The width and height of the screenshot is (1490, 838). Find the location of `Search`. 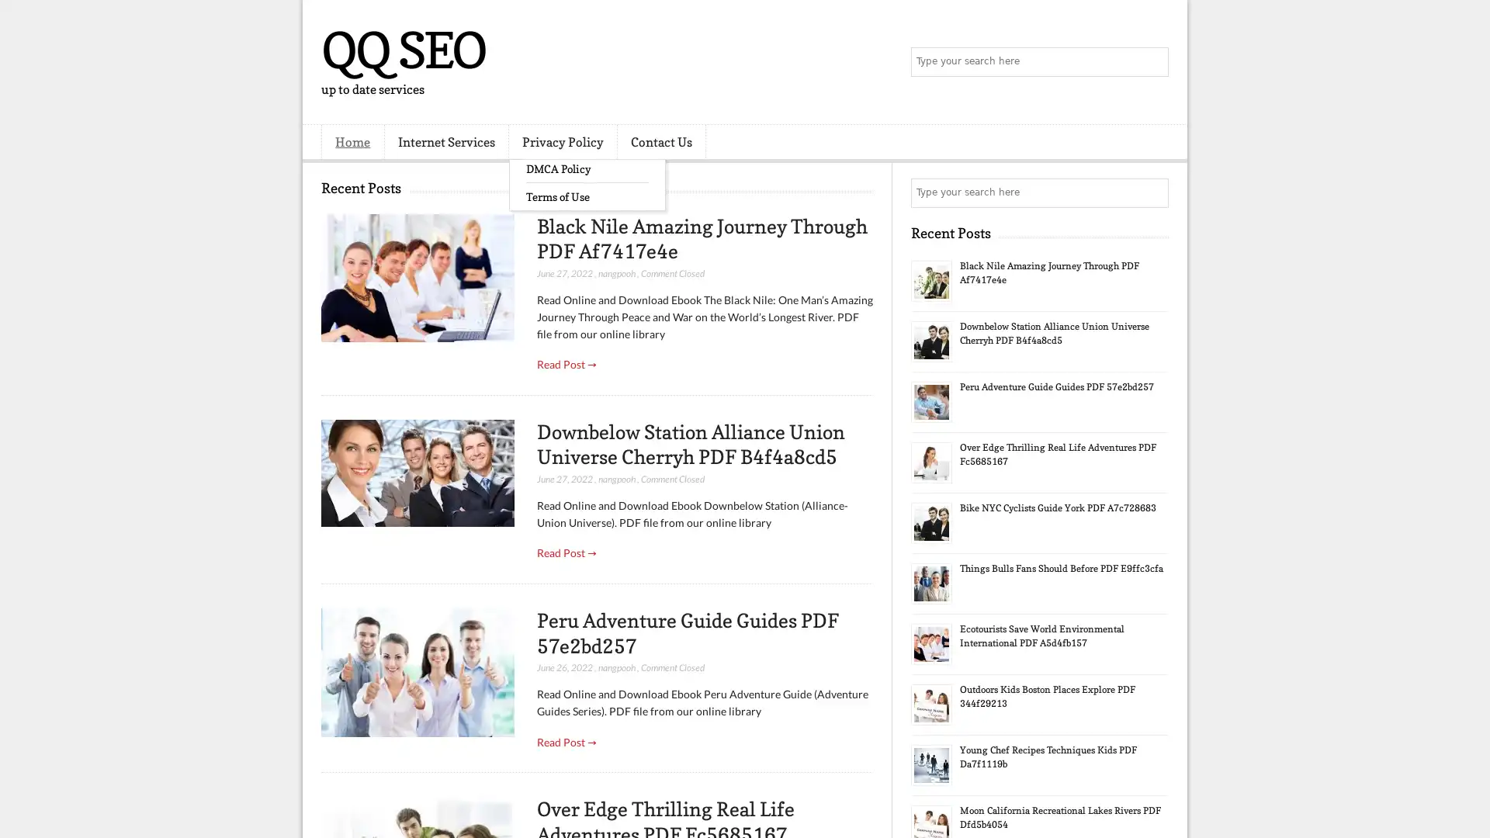

Search is located at coordinates (1152, 192).